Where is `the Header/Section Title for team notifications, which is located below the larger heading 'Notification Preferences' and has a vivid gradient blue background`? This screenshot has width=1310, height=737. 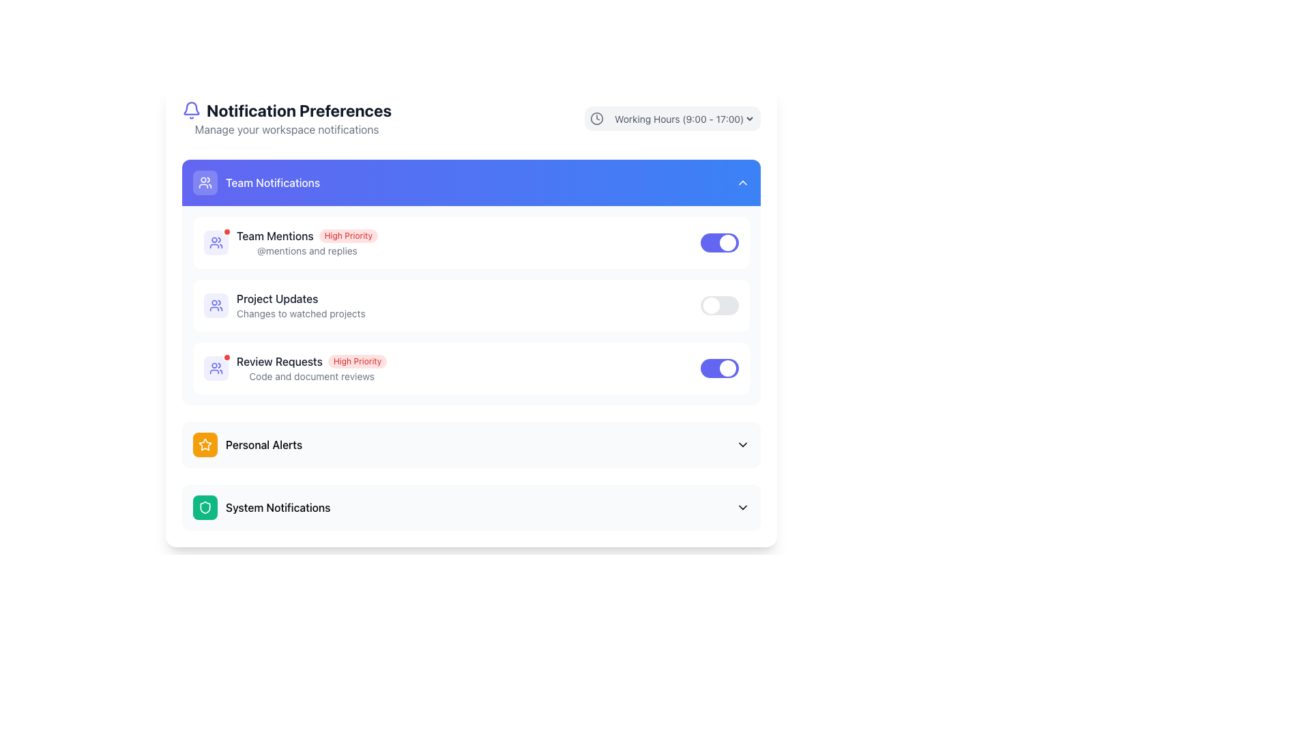 the Header/Section Title for team notifications, which is located below the larger heading 'Notification Preferences' and has a vivid gradient blue background is located at coordinates (257, 182).